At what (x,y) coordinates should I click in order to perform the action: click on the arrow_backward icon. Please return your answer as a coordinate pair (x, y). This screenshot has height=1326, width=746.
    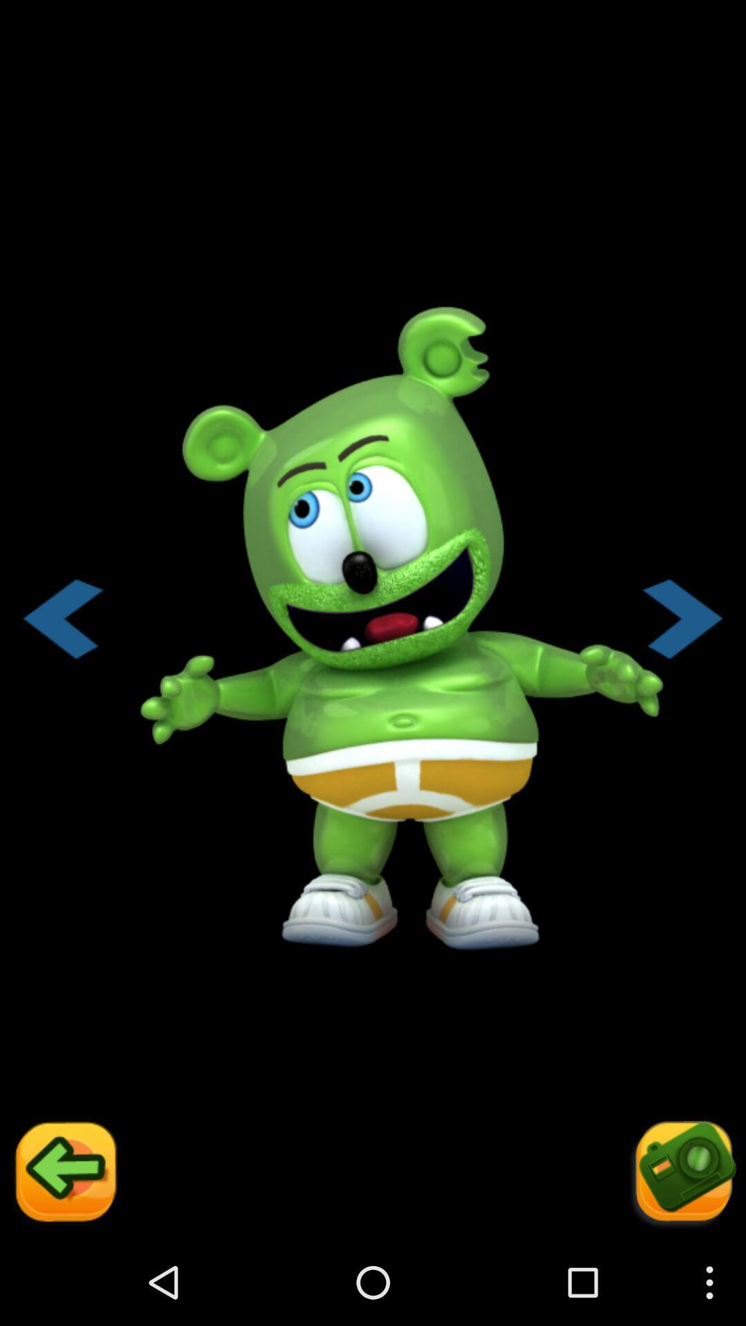
    Looking at the image, I should click on (64, 1258).